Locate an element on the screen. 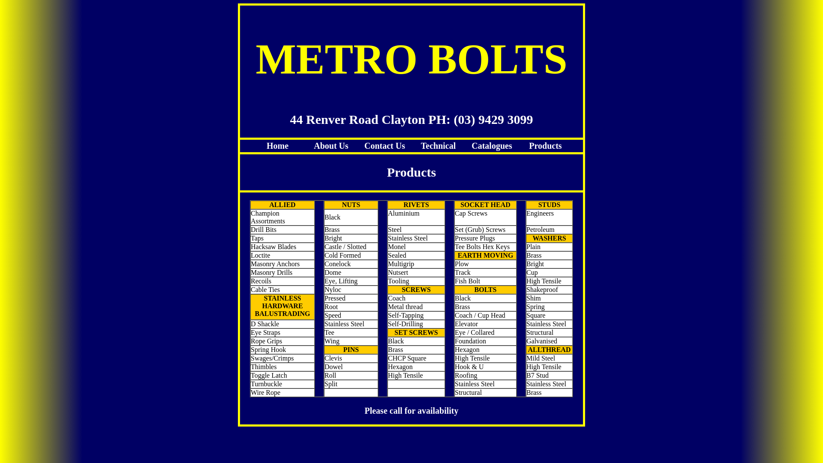  'Contact Us' is located at coordinates (384, 145).